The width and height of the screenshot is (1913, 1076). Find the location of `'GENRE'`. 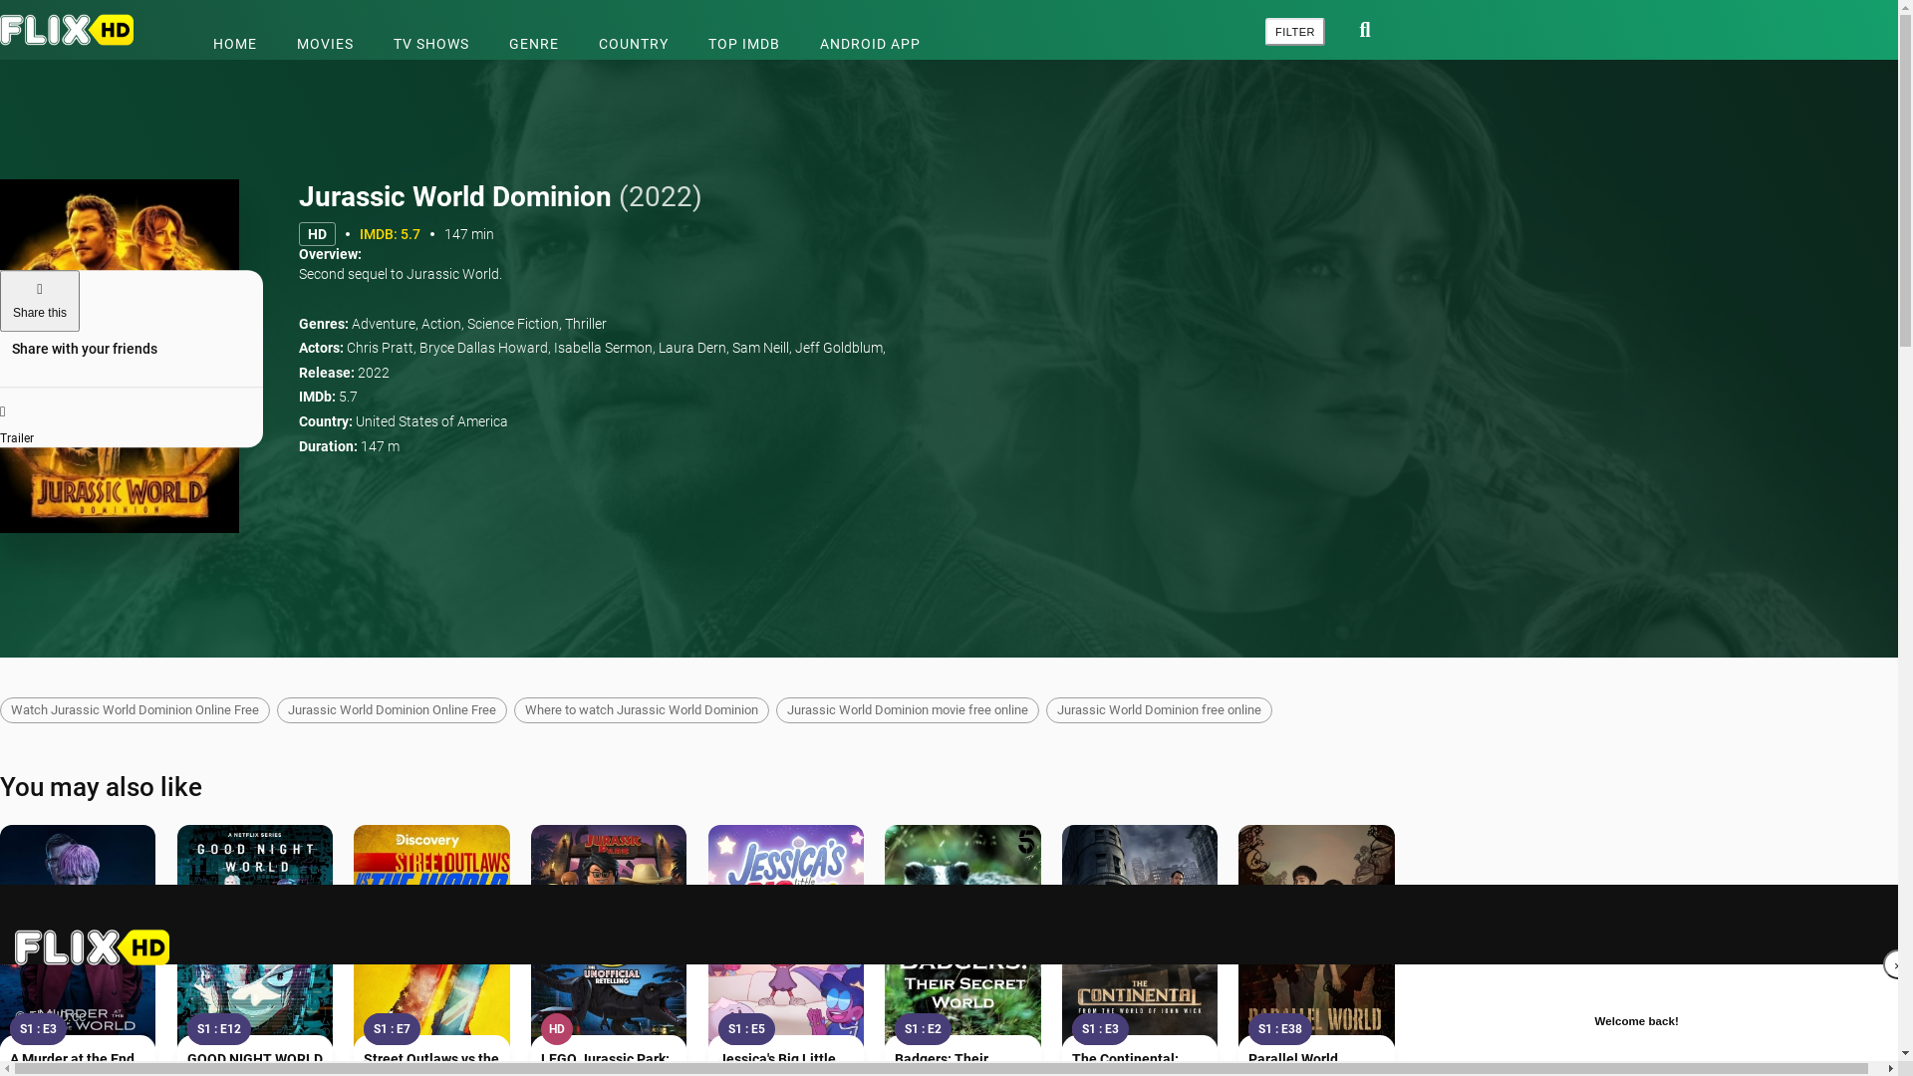

'GENRE' is located at coordinates (534, 43).